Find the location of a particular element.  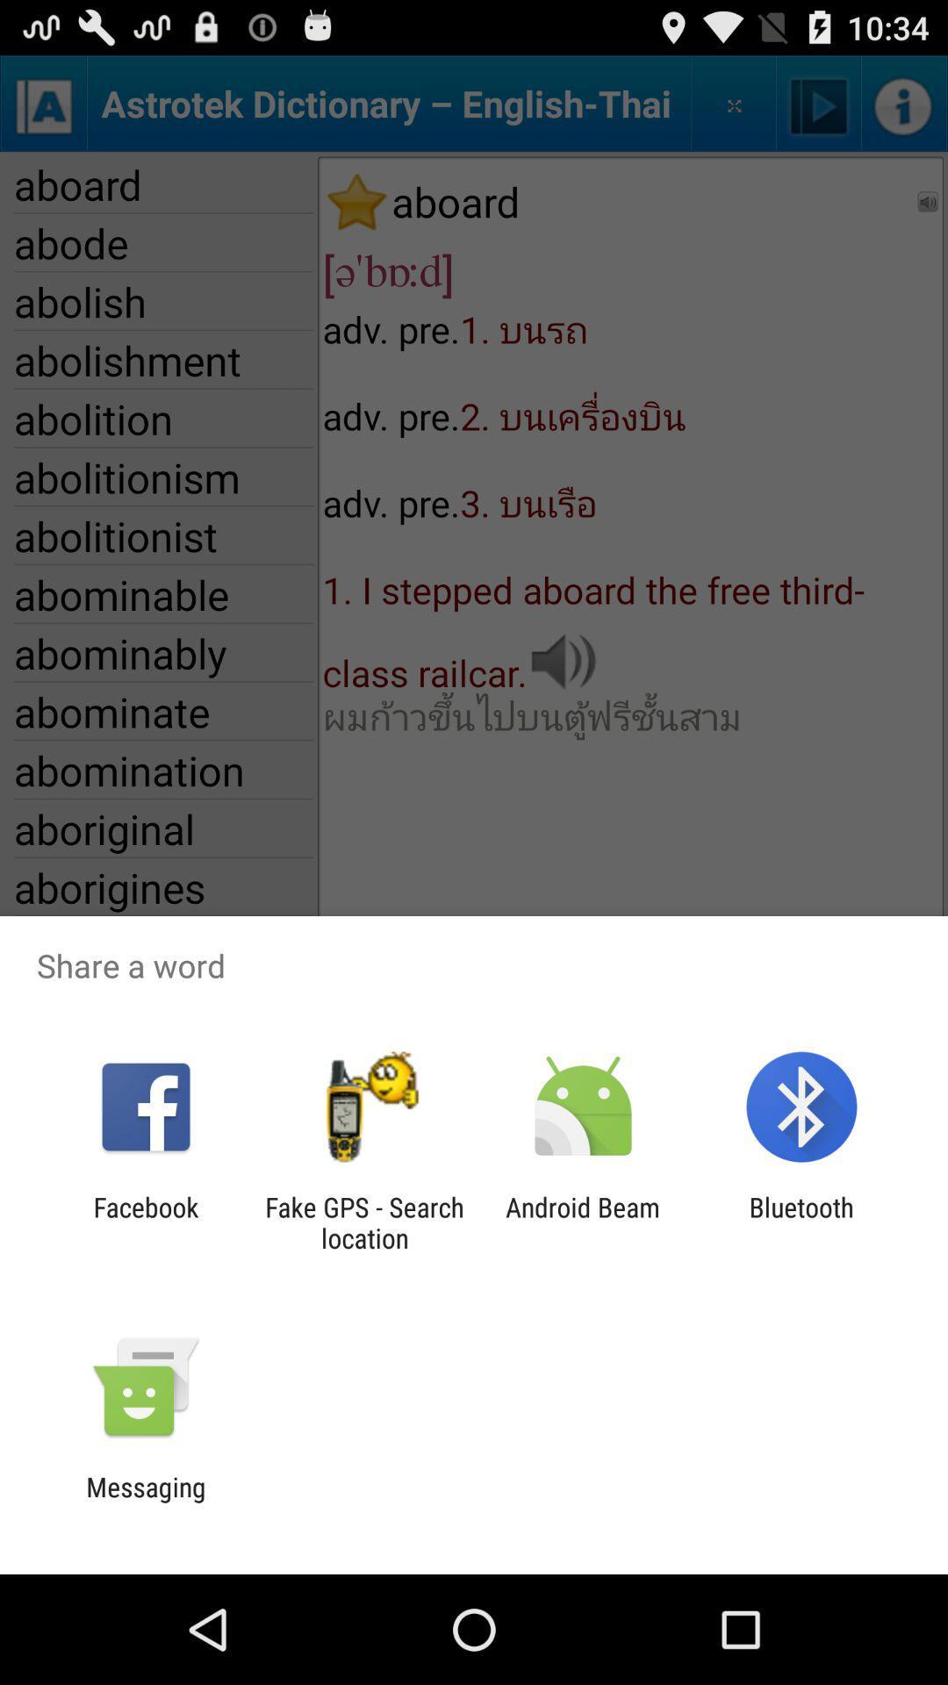

the facebook app is located at coordinates (145, 1222).